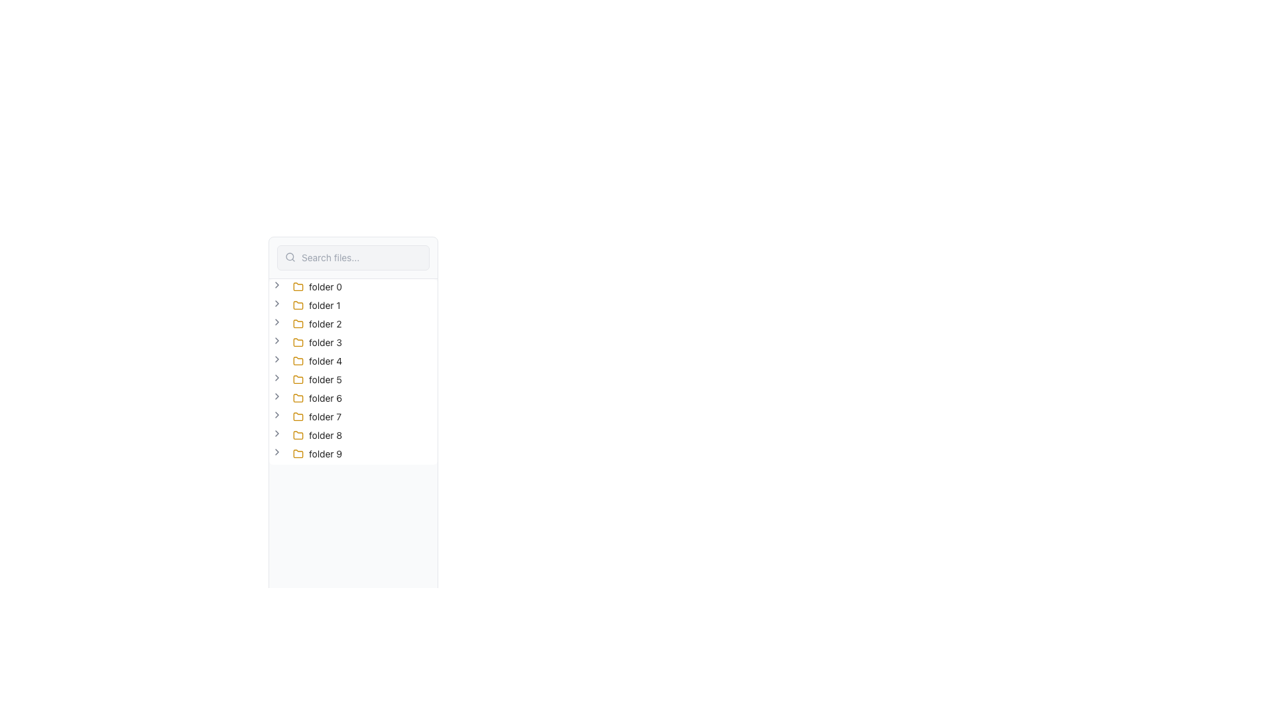 This screenshot has width=1273, height=716. What do you see at coordinates (317, 286) in the screenshot?
I see `the 'folder 0' tree view item, which is a combination of a text label and a yellowish folder icon, located at the top of the sidebar for file navigation` at bounding box center [317, 286].